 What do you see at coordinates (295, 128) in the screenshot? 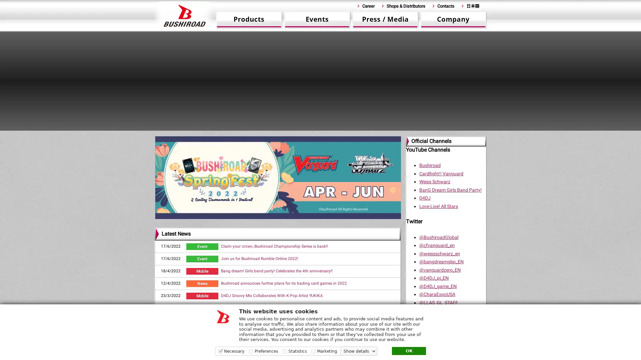
I see `6` at bounding box center [295, 128].